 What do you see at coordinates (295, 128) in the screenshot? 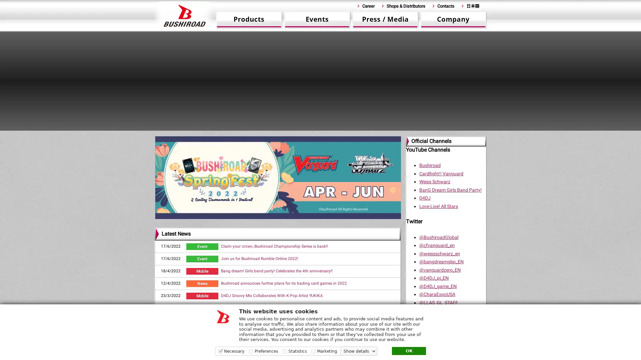
I see `6` at bounding box center [295, 128].